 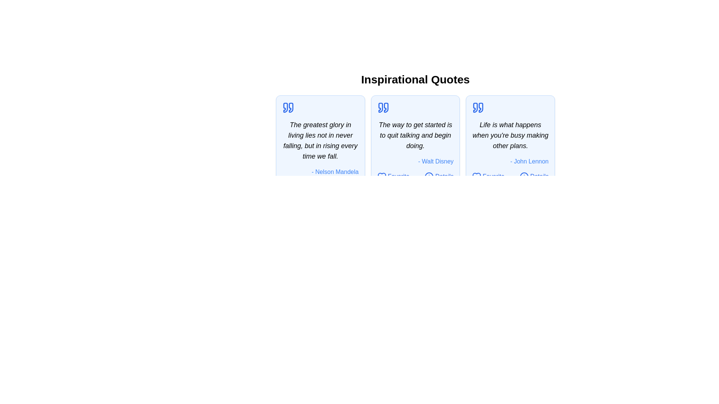 I want to click on the SVG circle that represents the information icon located in the second card of a three-card row on the page, so click(x=429, y=176).